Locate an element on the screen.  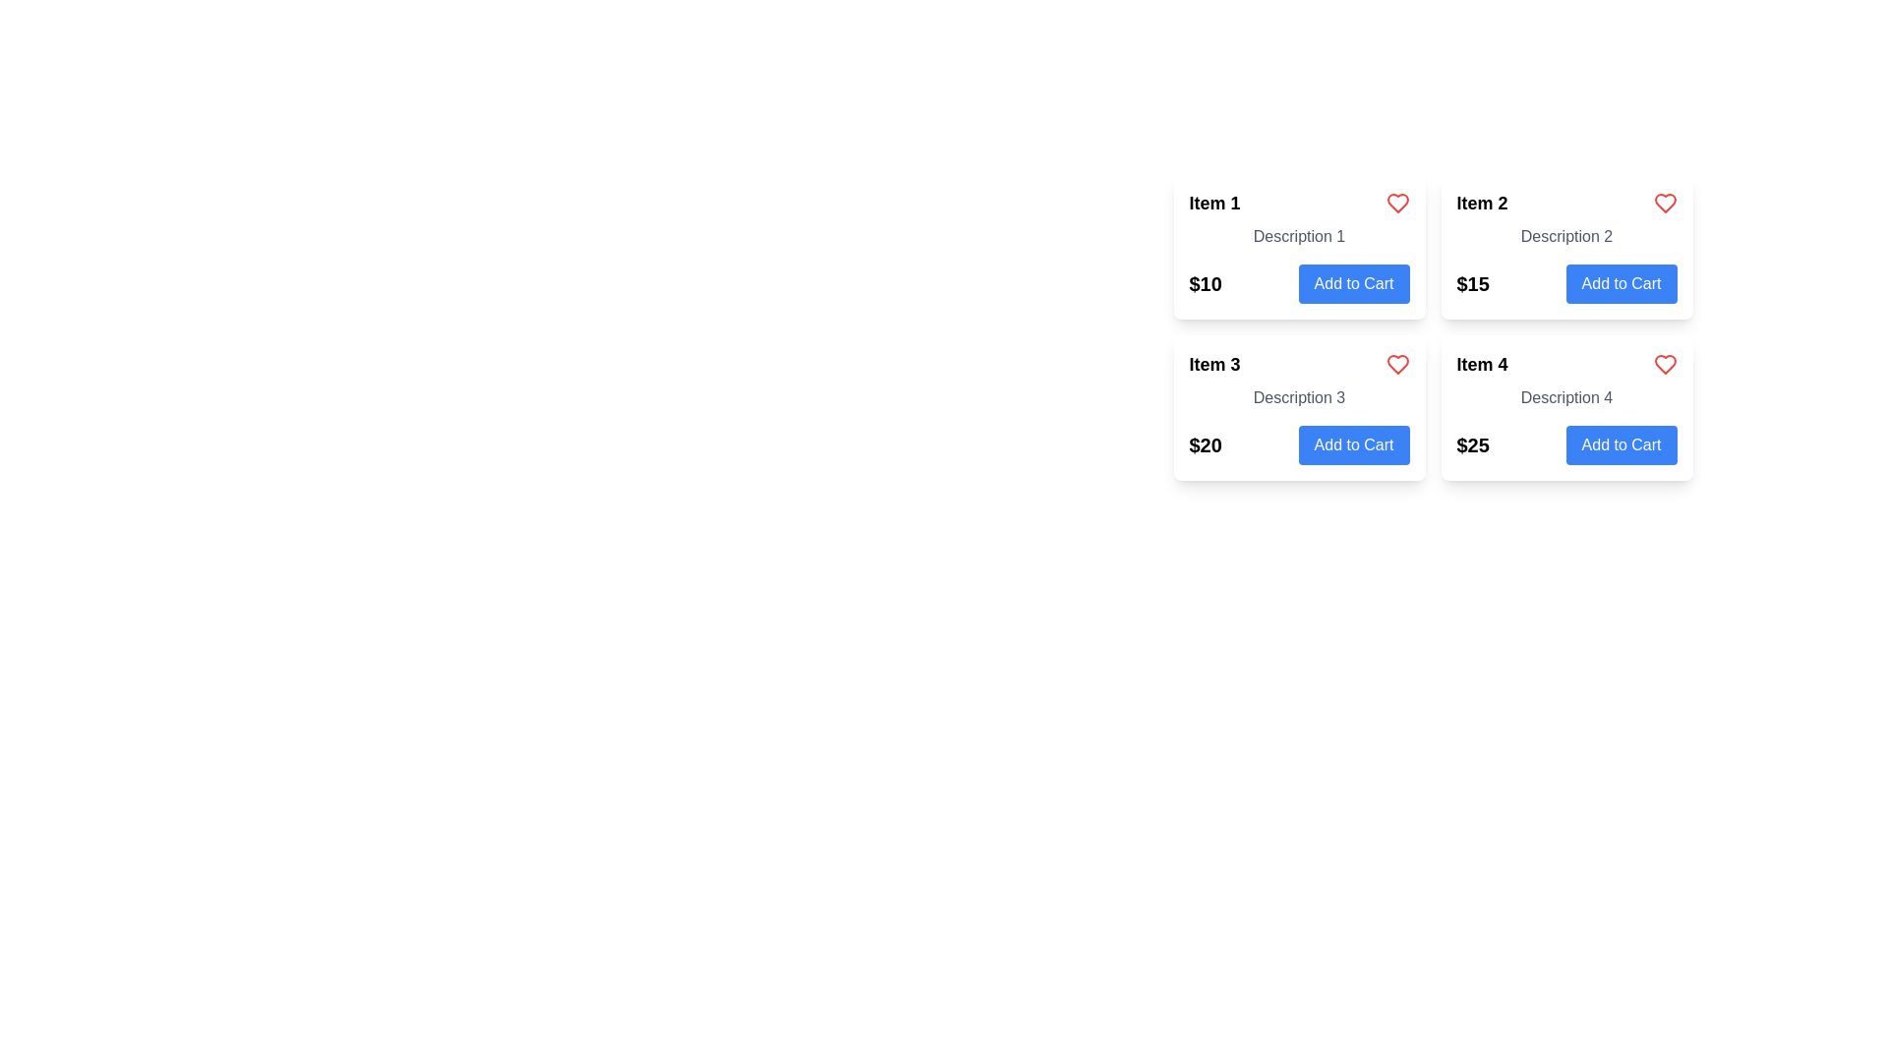
the heart icon located to the far right of the header text 'Item 2' in the upper right corner of the product card is located at coordinates (1664, 204).